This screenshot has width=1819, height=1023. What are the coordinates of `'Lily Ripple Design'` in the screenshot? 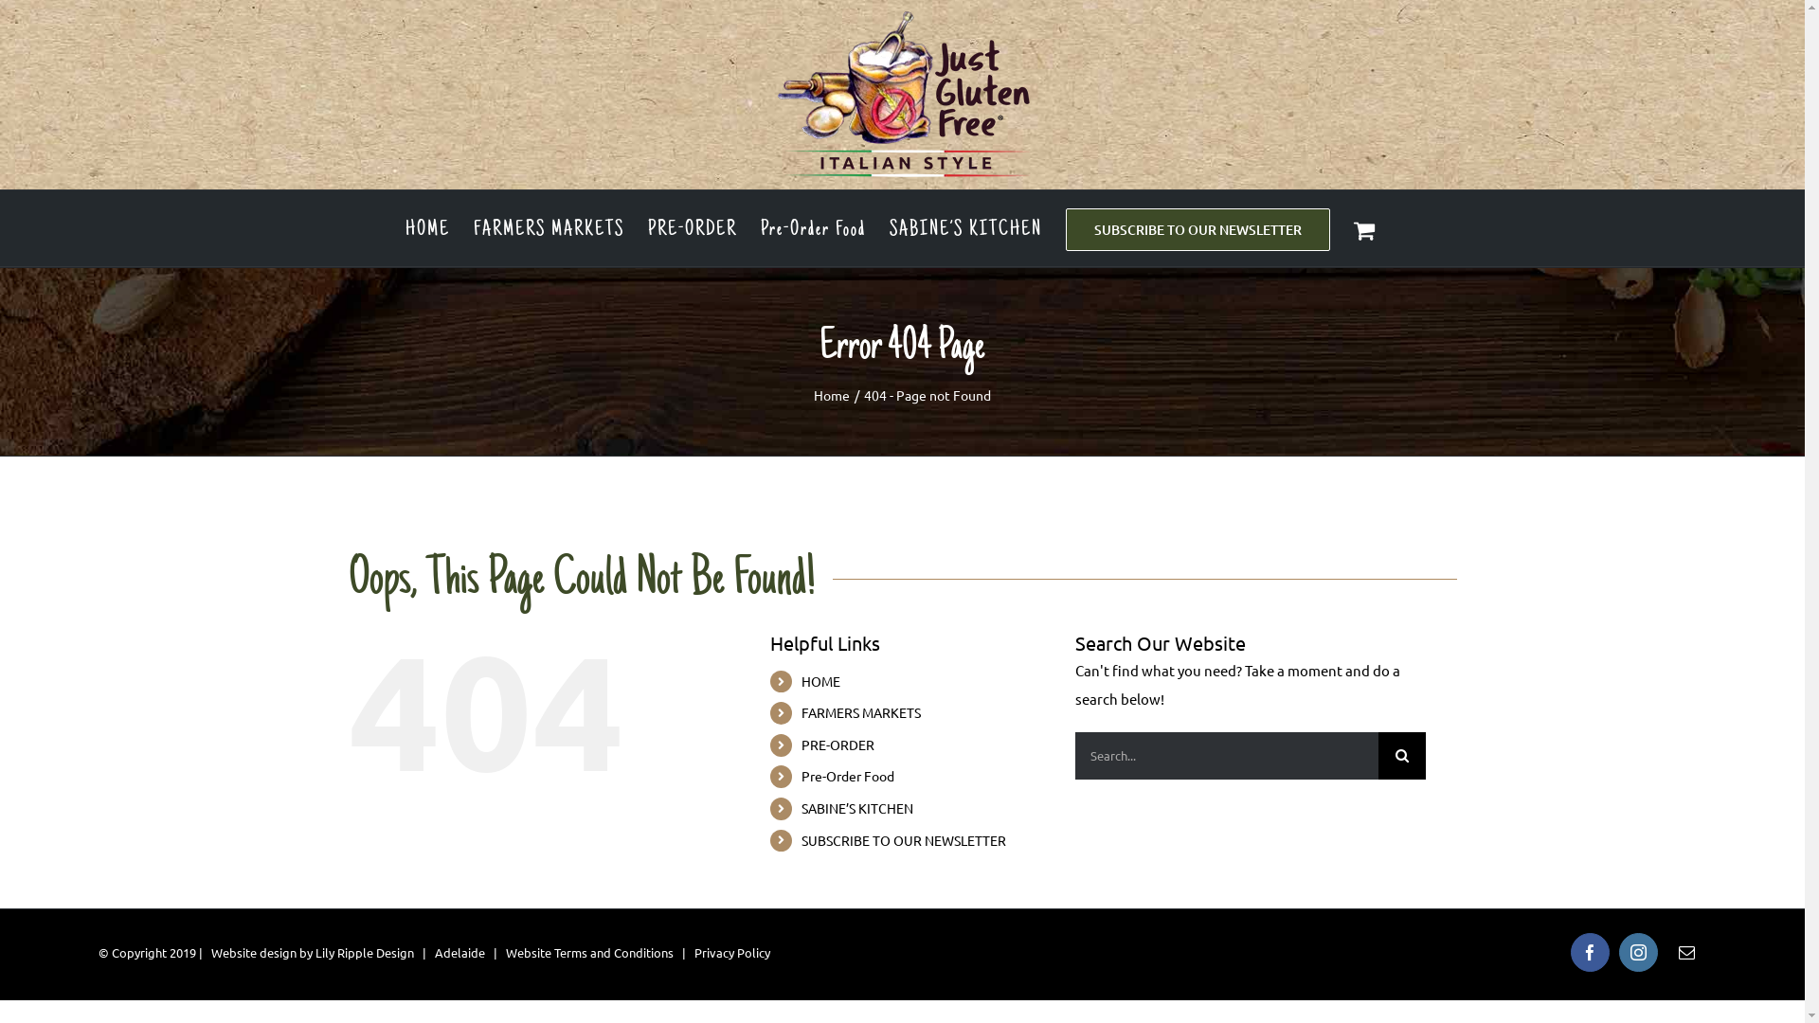 It's located at (315, 952).